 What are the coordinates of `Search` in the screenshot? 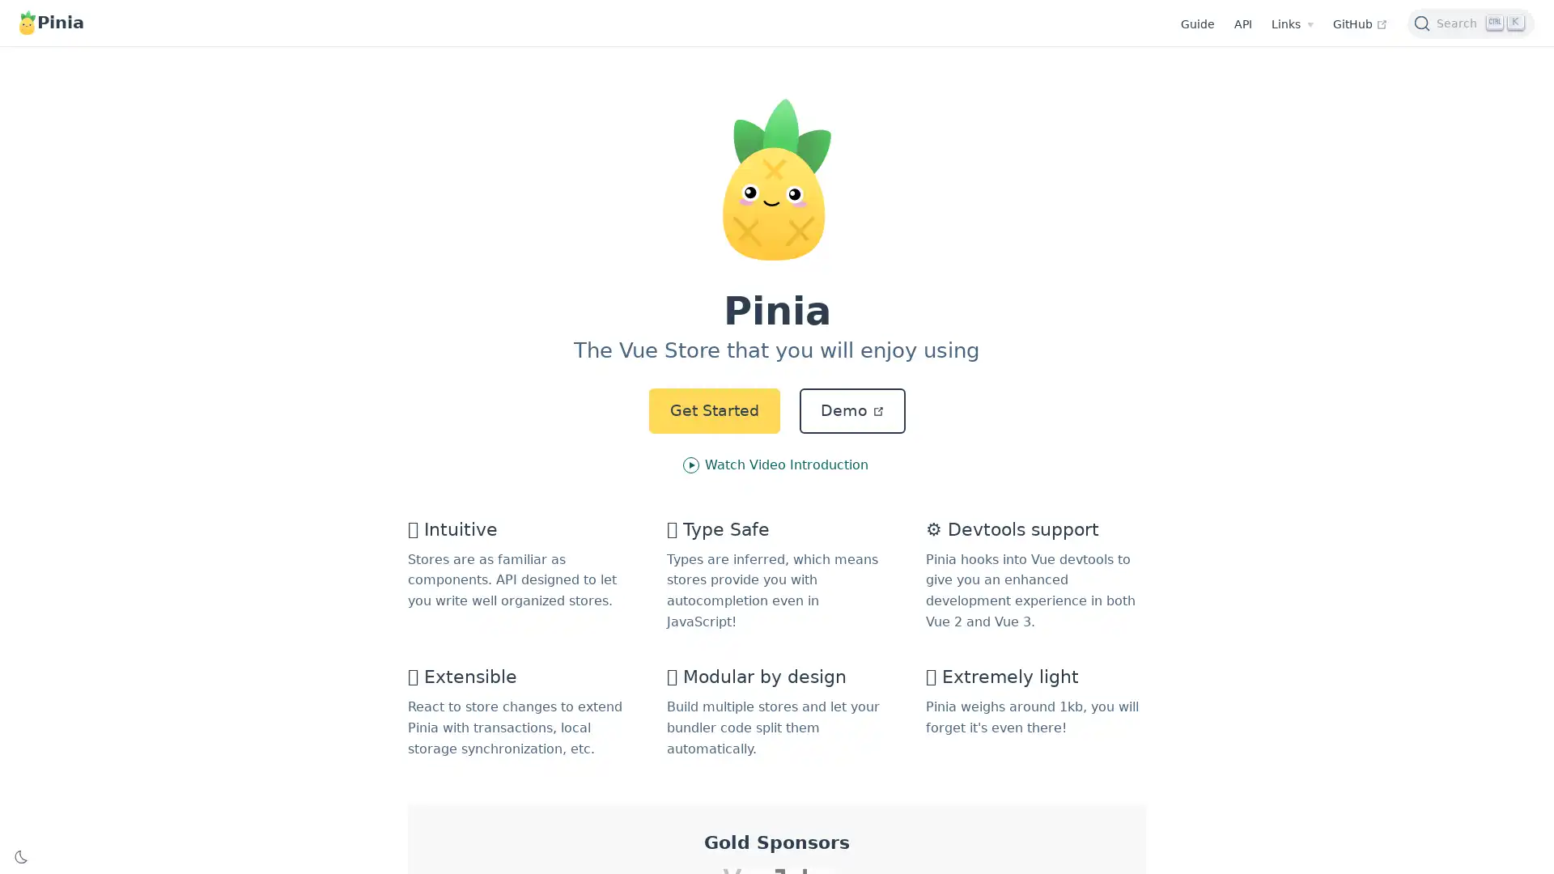 It's located at (1471, 22).